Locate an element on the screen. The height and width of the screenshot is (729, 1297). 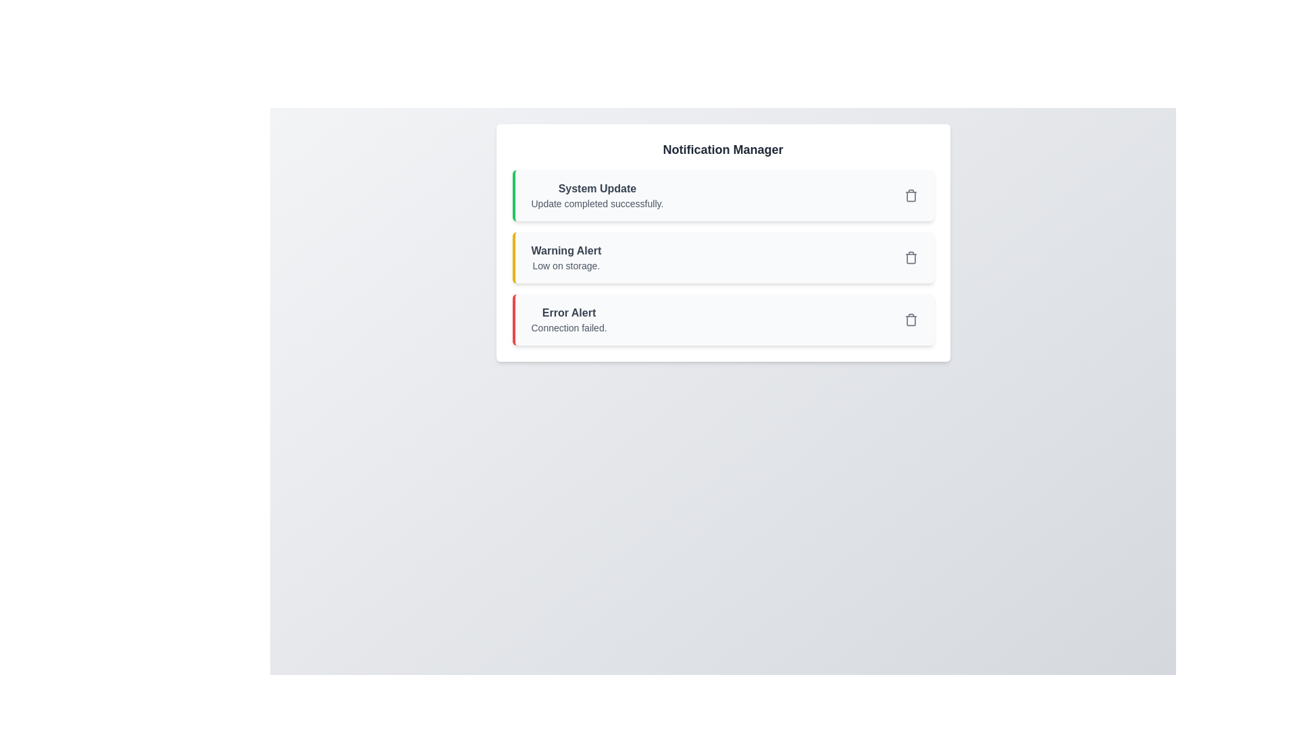
the Trash Can SVG Icon is located at coordinates (911, 320).